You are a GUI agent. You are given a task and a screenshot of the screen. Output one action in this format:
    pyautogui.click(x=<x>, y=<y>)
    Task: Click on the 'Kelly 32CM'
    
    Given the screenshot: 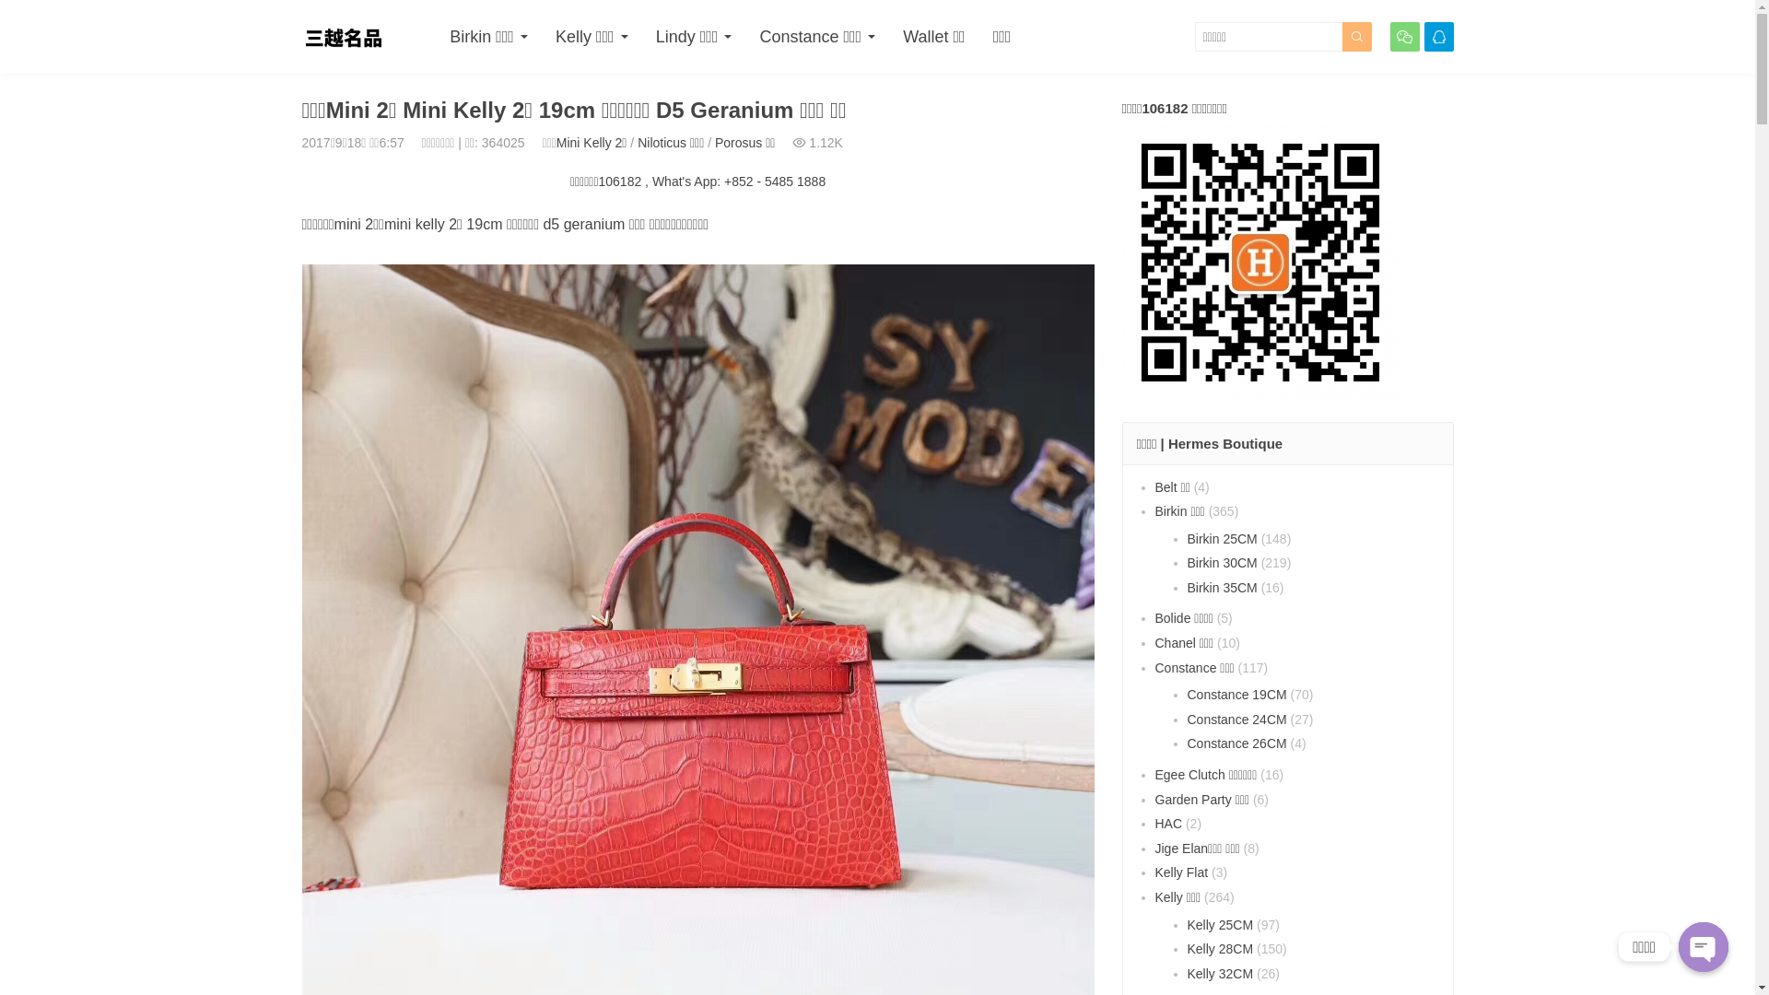 What is the action you would take?
    pyautogui.click(x=1220, y=972)
    